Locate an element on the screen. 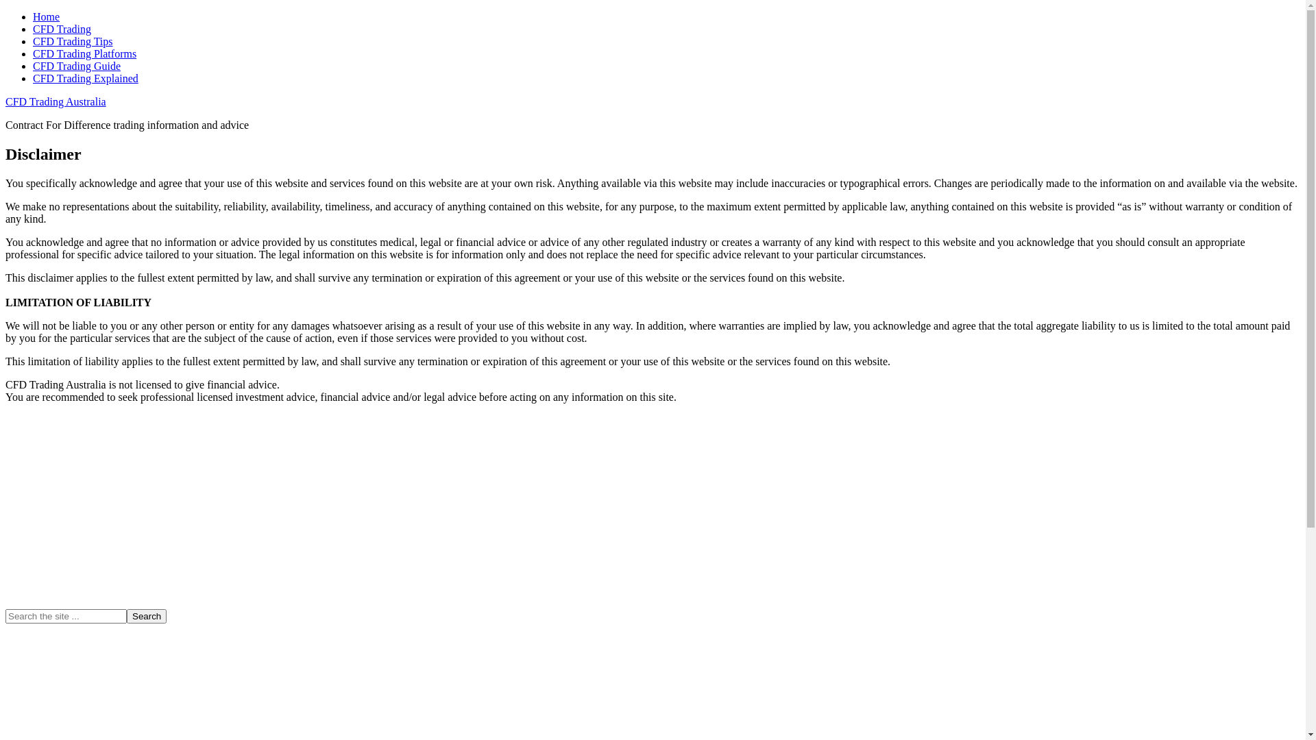 The image size is (1316, 740). 'CFD Trading' is located at coordinates (61, 29).